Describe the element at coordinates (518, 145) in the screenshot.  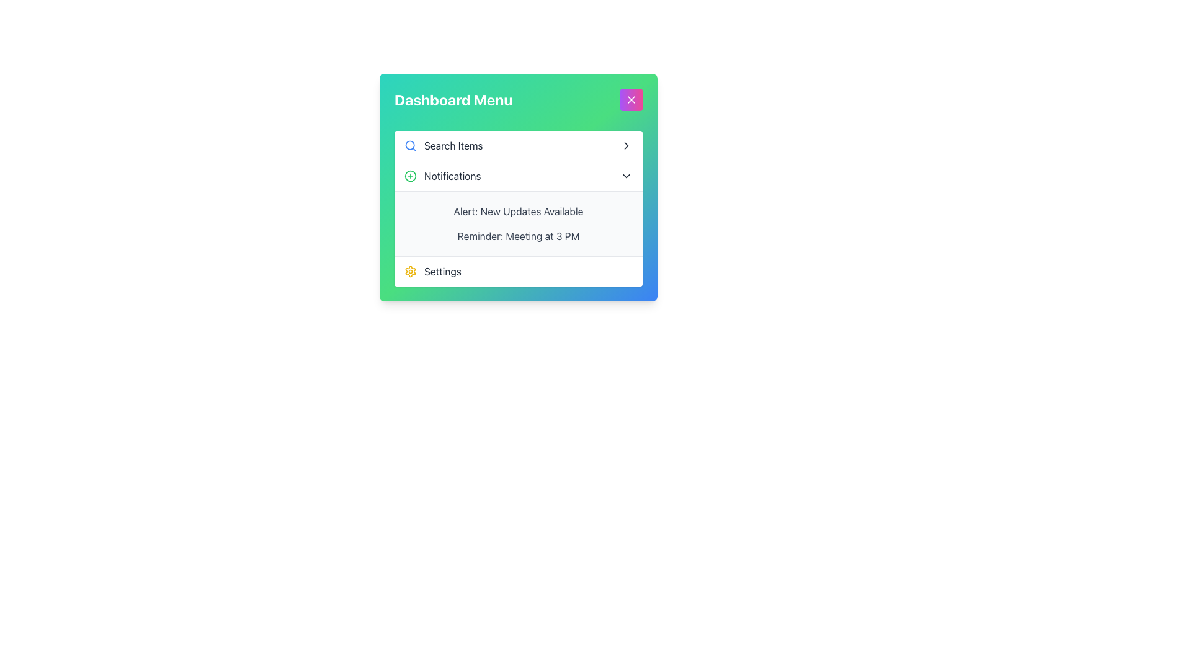
I see `the first button in the 'Dashboard Menu'` at that location.